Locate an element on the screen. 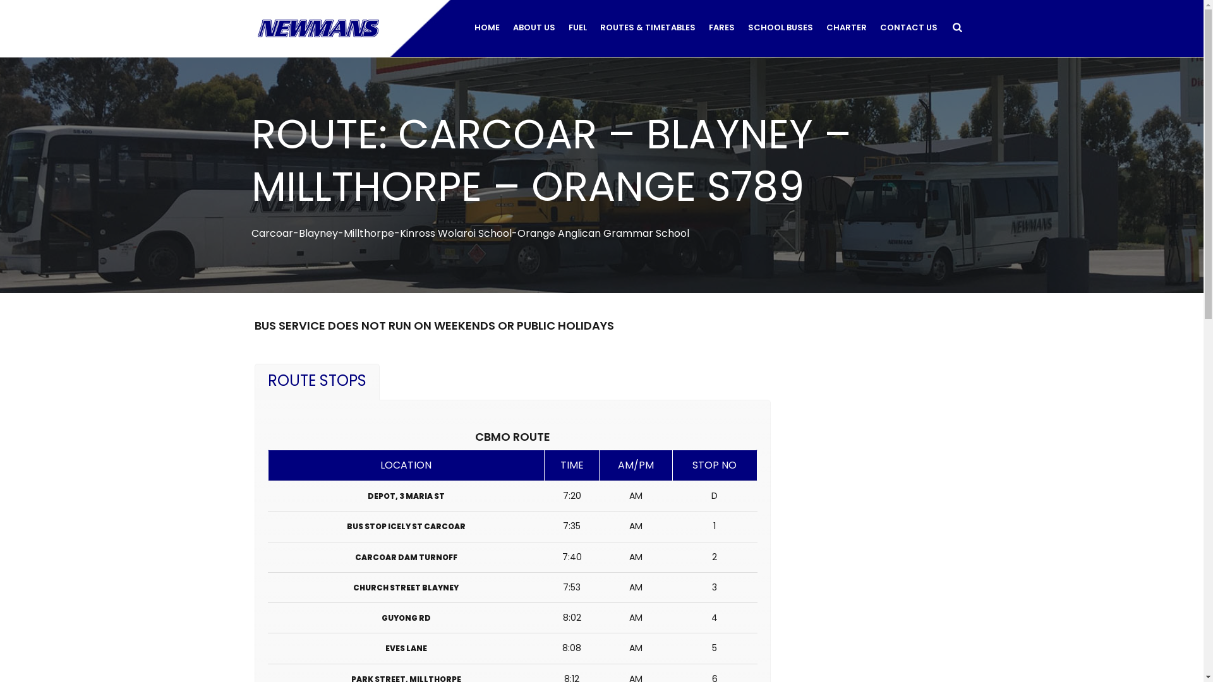  'ROUTE STOPS' is located at coordinates (316, 381).